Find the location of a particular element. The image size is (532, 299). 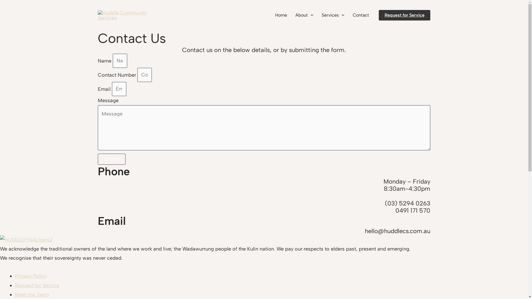

'About' is located at coordinates (304, 15).